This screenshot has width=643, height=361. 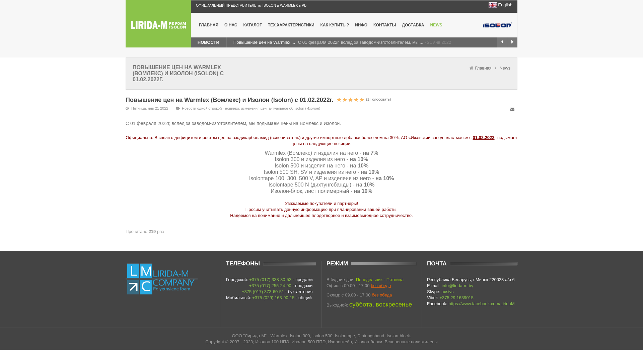 I want to click on 'English', so click(x=505, y=5).